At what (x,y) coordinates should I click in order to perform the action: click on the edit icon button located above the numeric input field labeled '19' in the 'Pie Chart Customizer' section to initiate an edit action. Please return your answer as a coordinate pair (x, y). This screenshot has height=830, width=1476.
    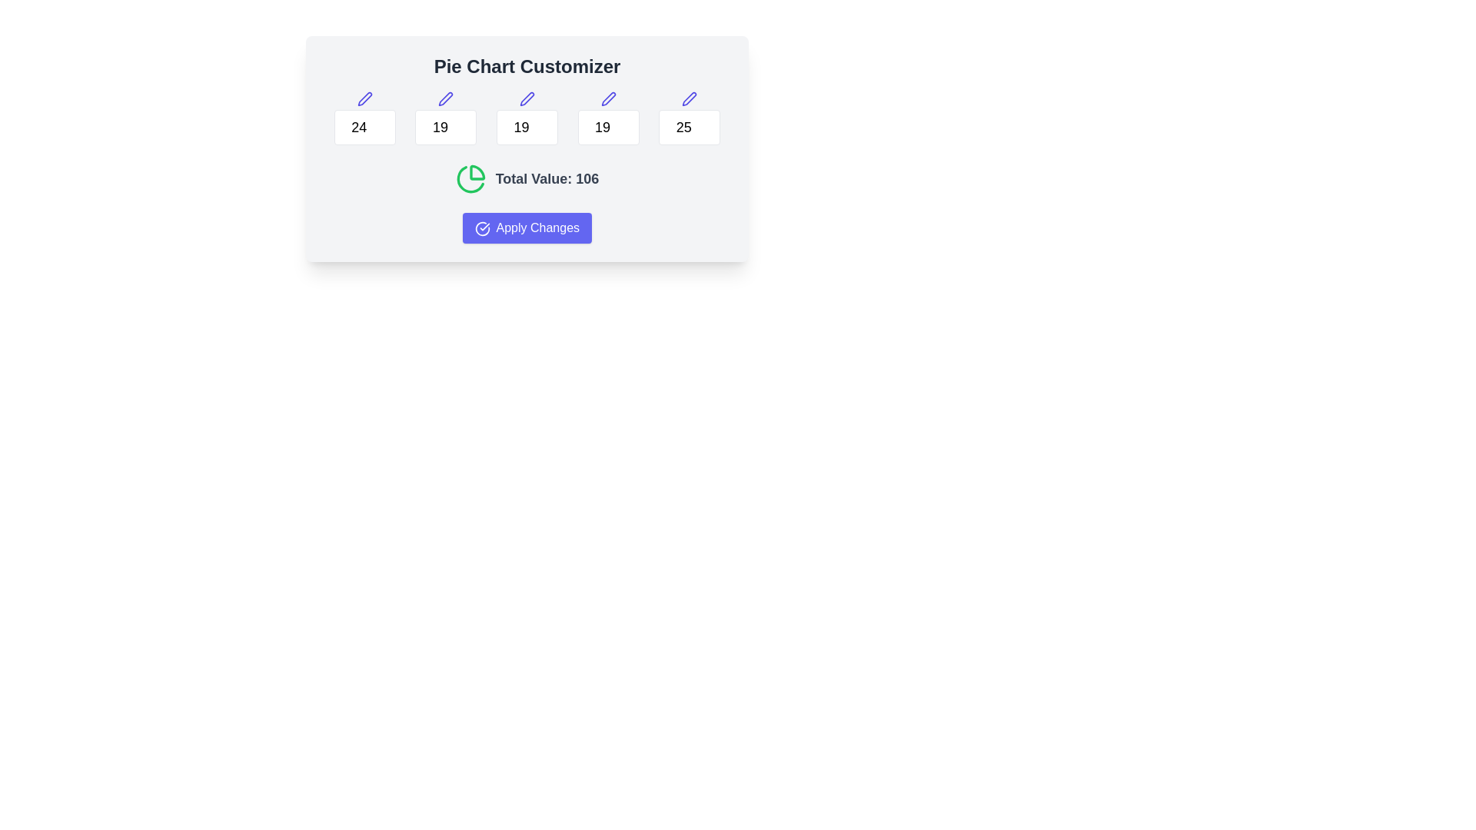
    Looking at the image, I should click on (607, 98).